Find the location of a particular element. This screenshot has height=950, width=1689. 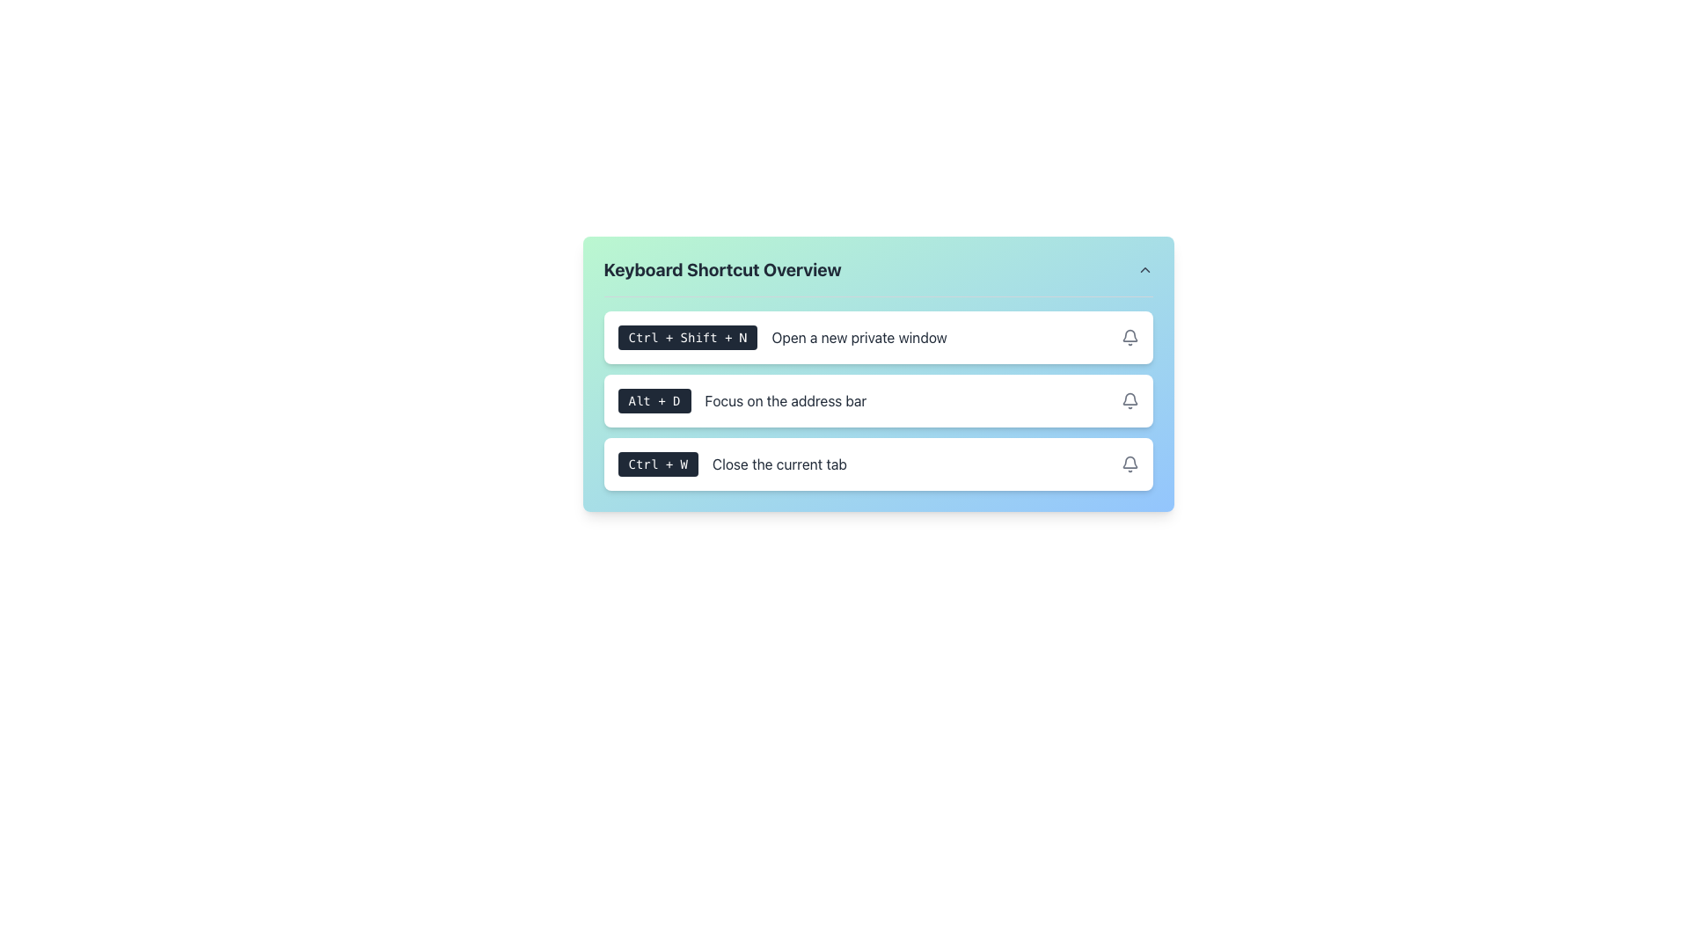

text label that describes the action associated with the keyboard shortcut 'Ctrl + Shift + N', located in the first row of the shortcut descriptions, to the right of the dark gray box and left of the bell-shaped icon is located at coordinates (859, 338).